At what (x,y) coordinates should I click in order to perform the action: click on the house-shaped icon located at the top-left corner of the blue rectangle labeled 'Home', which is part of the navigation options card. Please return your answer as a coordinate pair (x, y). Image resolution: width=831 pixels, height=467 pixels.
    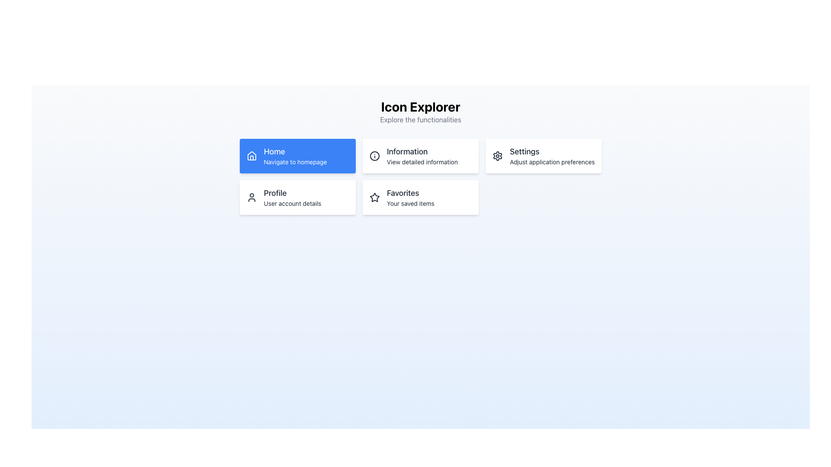
    Looking at the image, I should click on (251, 156).